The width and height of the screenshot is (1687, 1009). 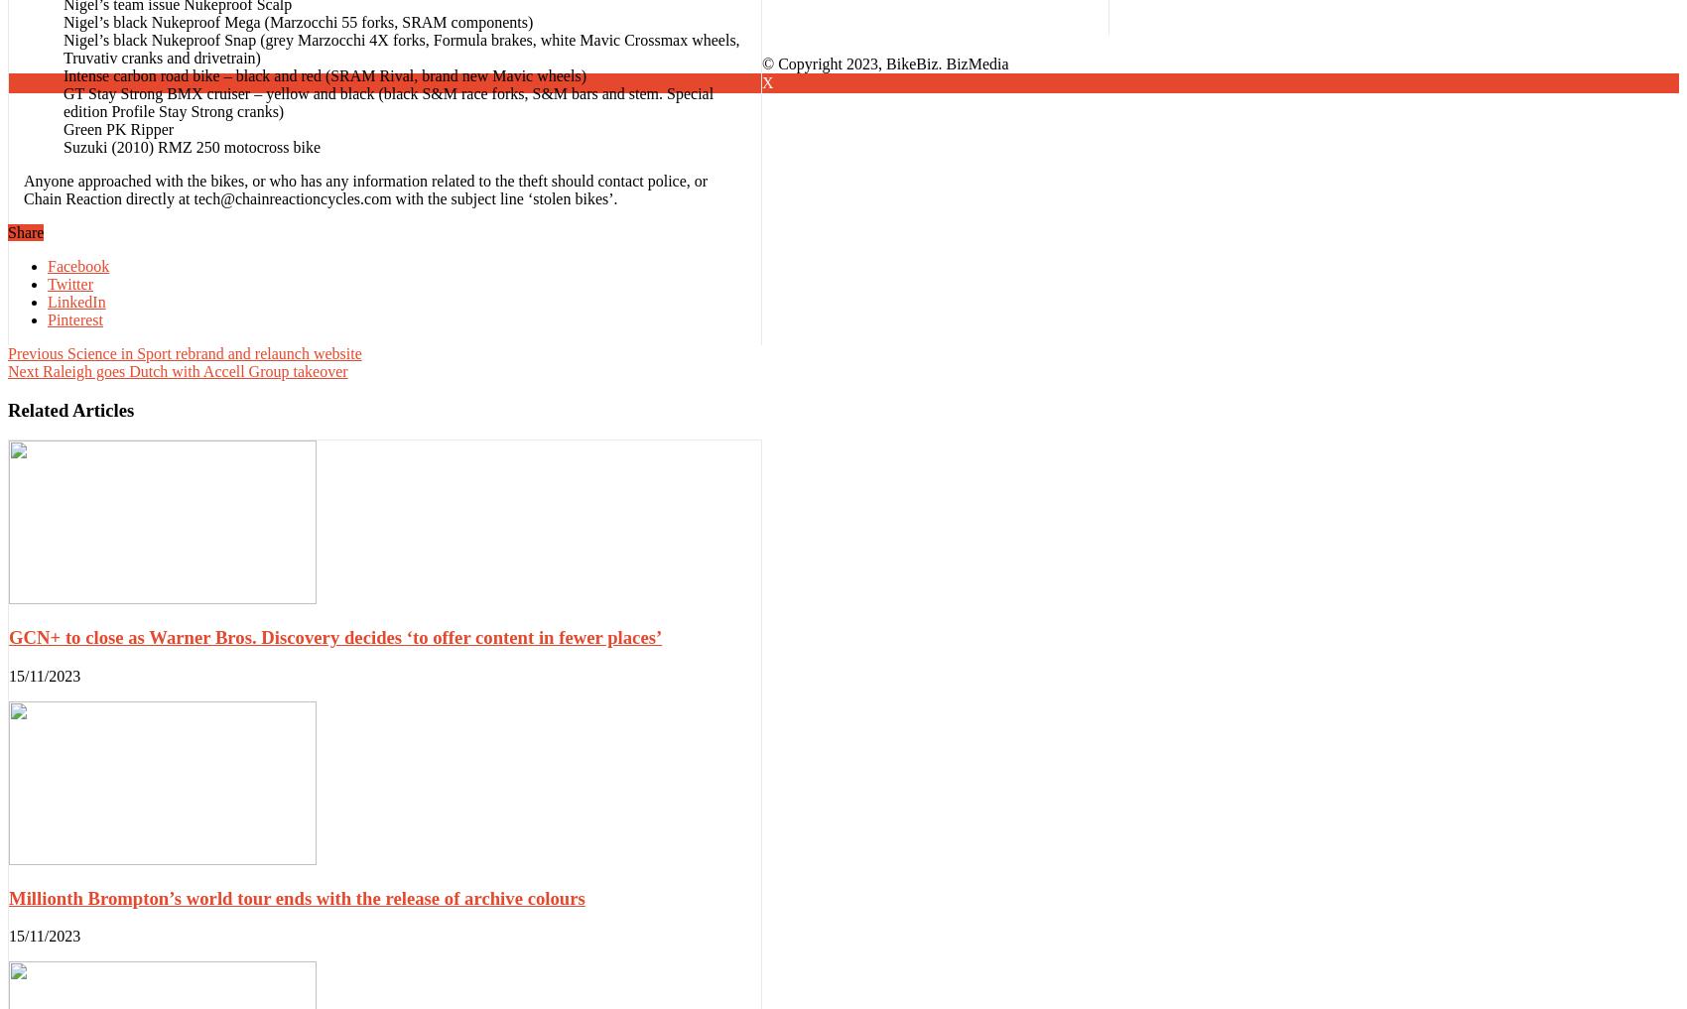 What do you see at coordinates (766, 81) in the screenshot?
I see `'X'` at bounding box center [766, 81].